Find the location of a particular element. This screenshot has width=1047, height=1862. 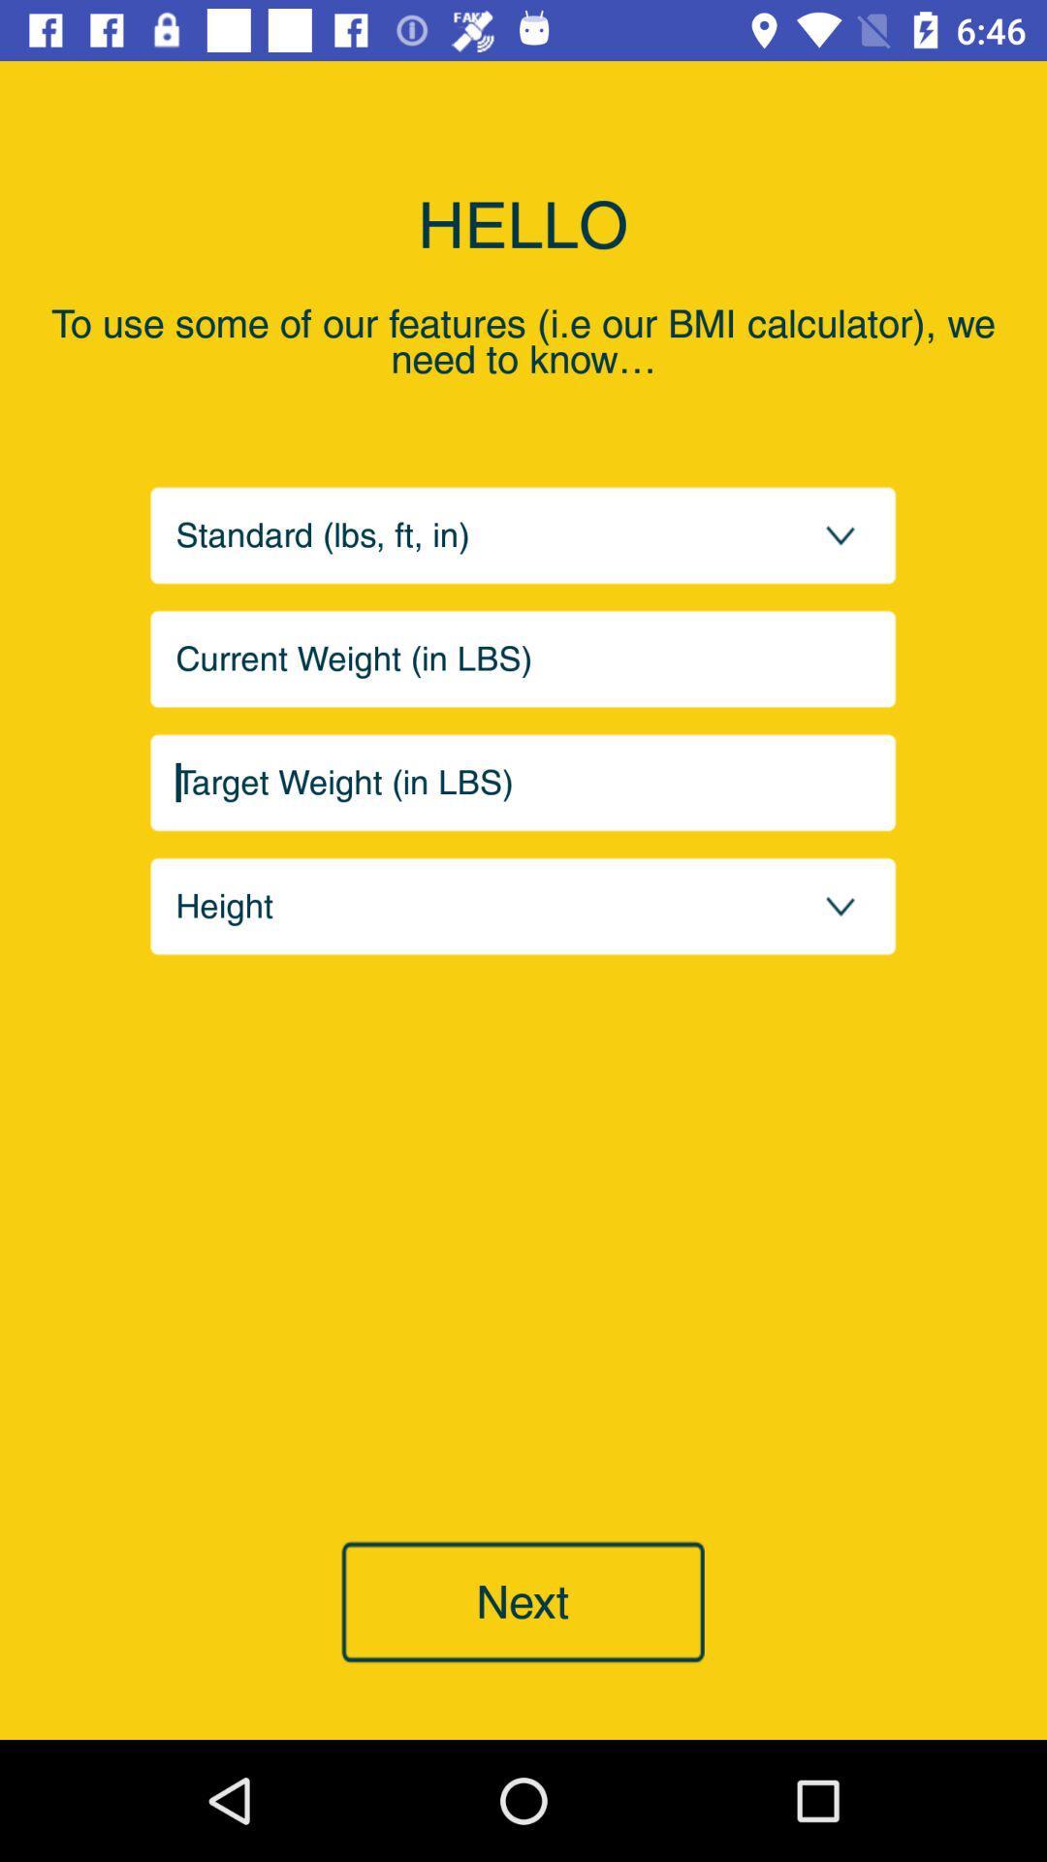

body height option is located at coordinates (523, 905).